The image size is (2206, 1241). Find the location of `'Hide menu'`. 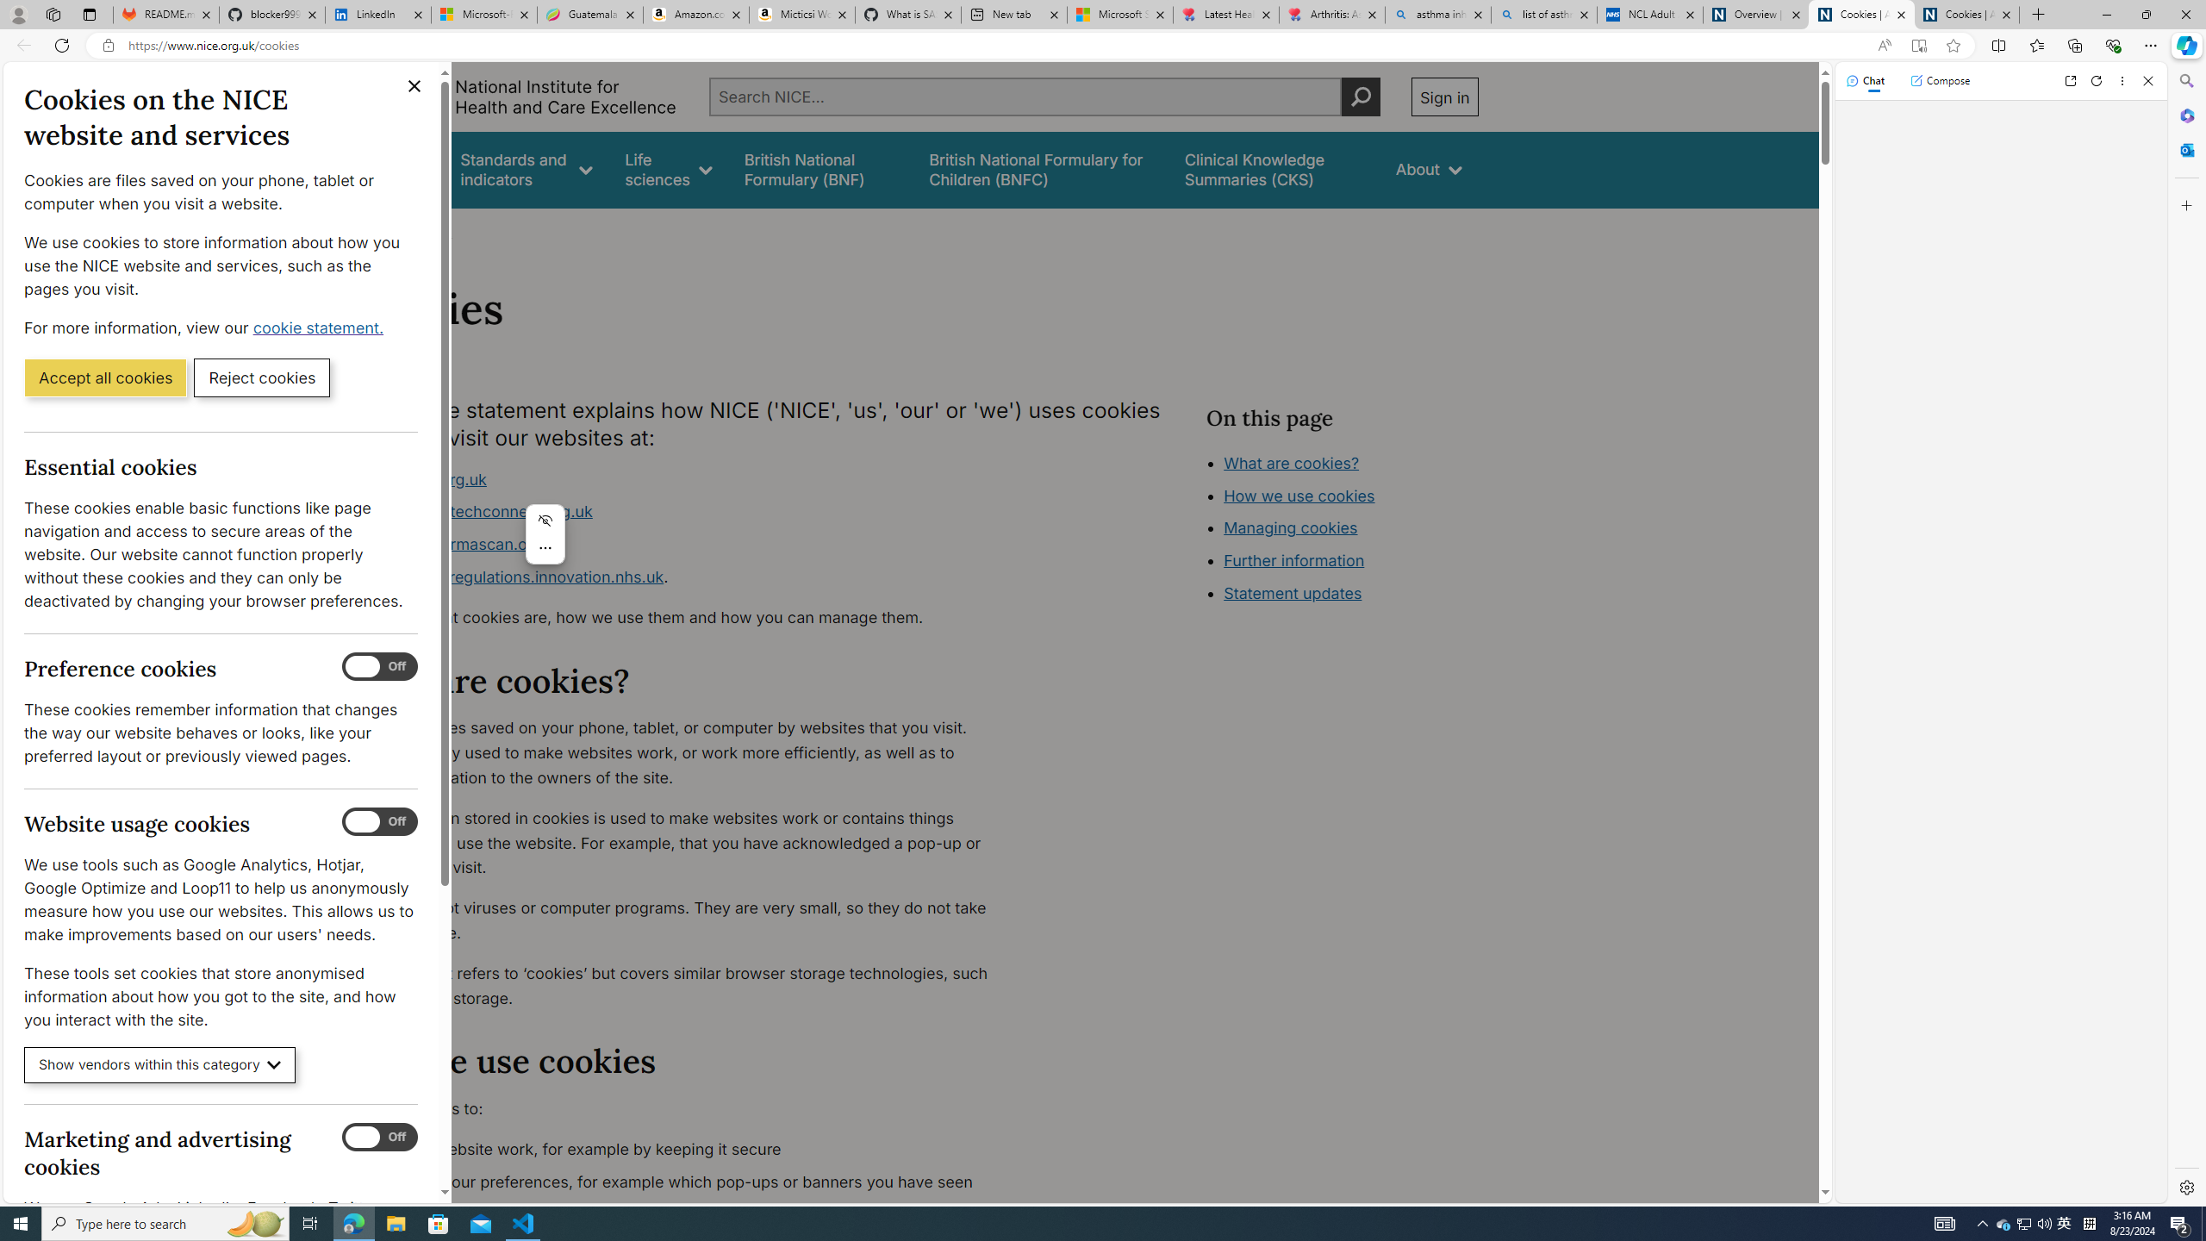

'Hide menu' is located at coordinates (545, 521).